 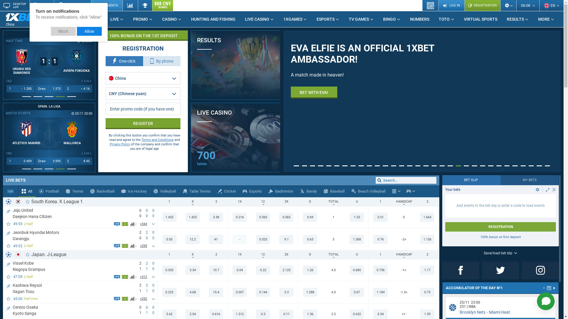 I want to click on 'Football', so click(x=35, y=191).